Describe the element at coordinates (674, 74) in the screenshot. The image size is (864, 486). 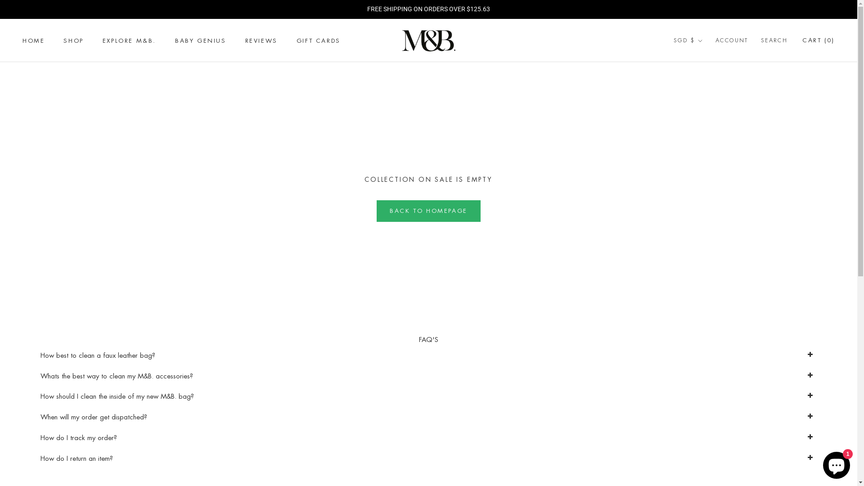
I see `'CAD'` at that location.